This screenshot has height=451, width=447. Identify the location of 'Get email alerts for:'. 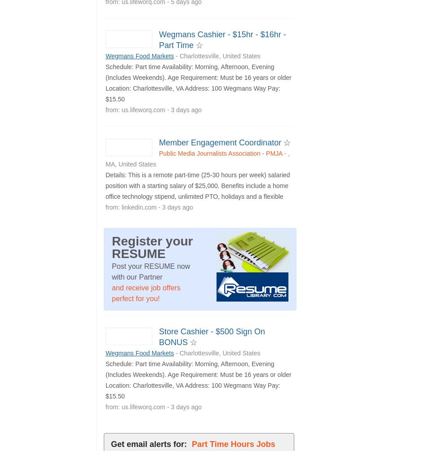
(111, 443).